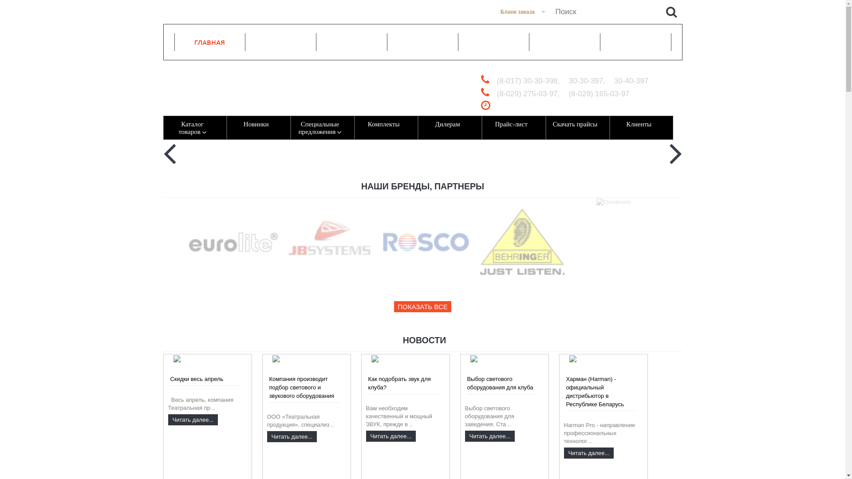  Describe the element at coordinates (189, 242) in the screenshot. I see `'Eurolite'` at that location.